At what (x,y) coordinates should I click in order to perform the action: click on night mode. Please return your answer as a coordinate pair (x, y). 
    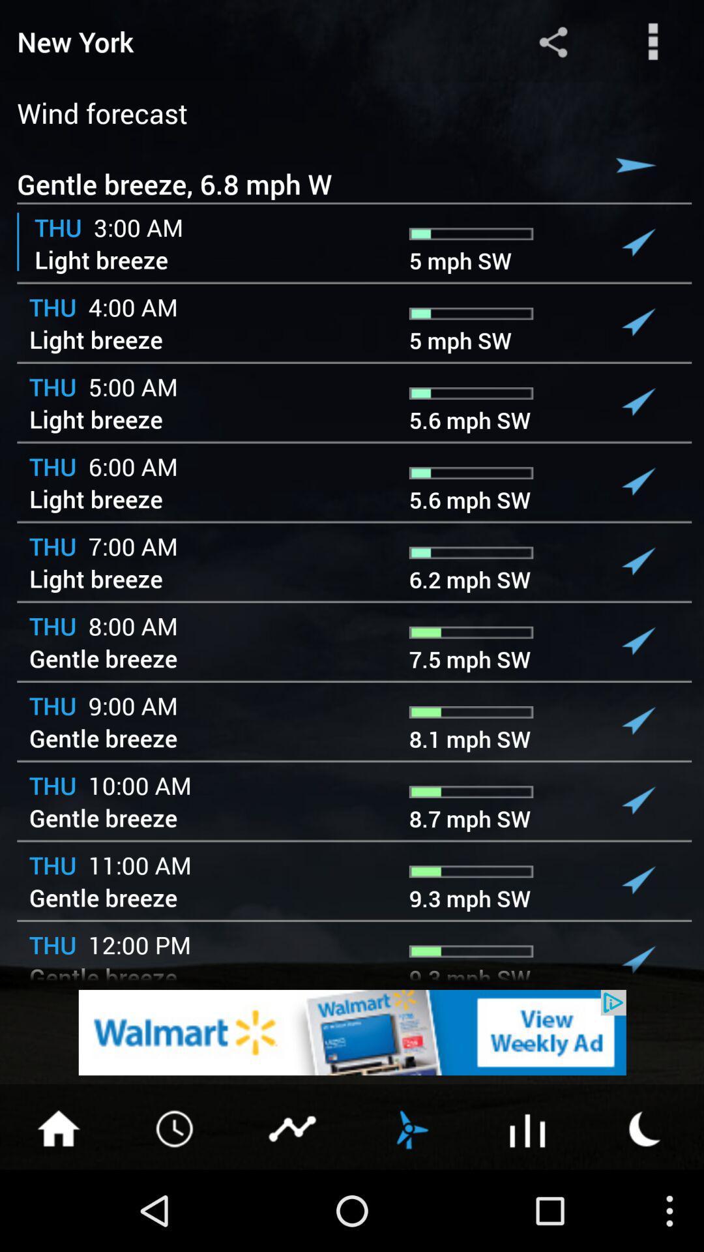
    Looking at the image, I should click on (645, 1127).